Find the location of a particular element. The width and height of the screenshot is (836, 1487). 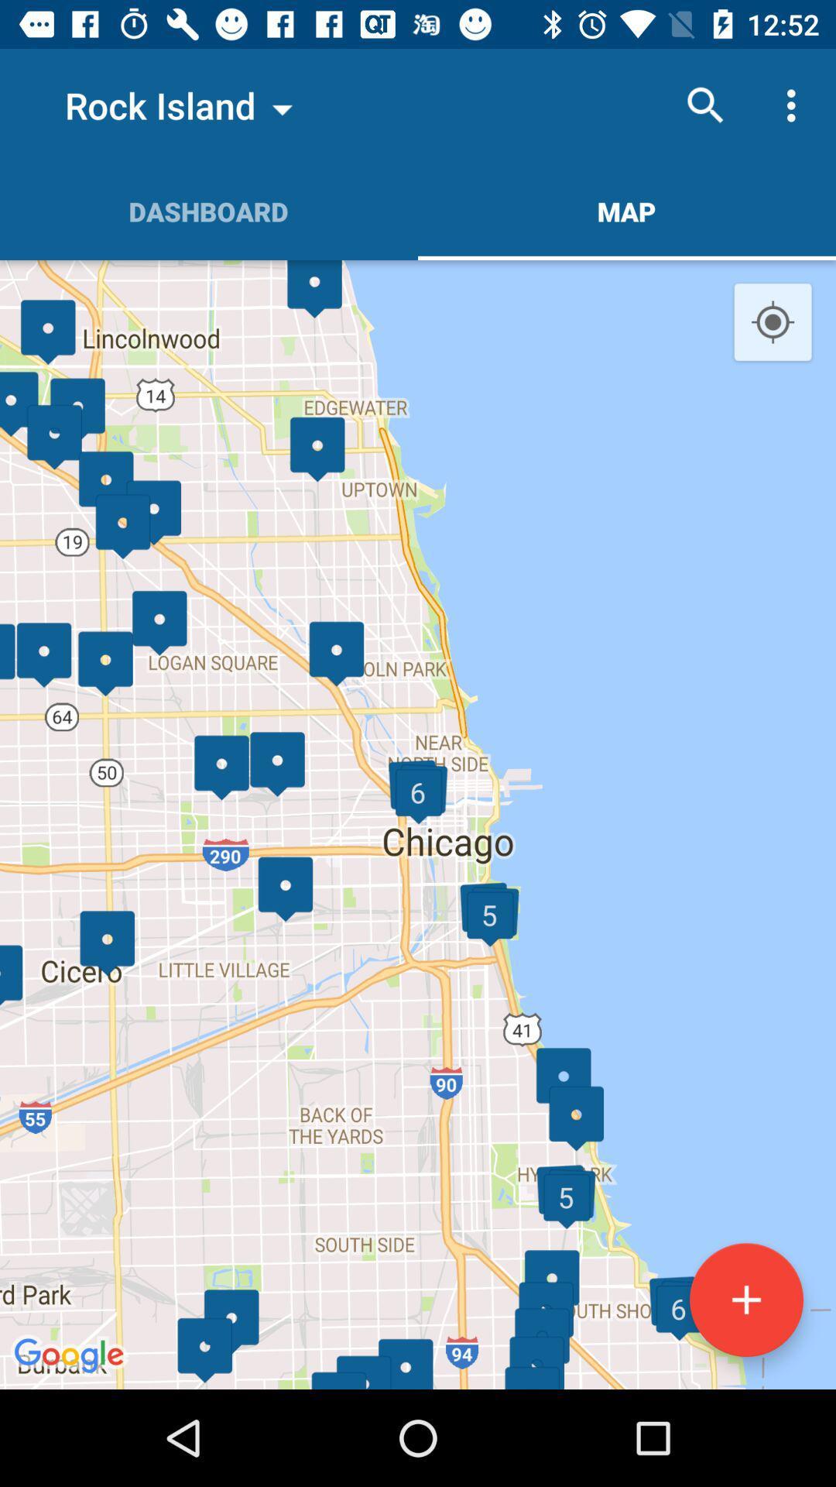

the item below the dashboard icon is located at coordinates (418, 824).